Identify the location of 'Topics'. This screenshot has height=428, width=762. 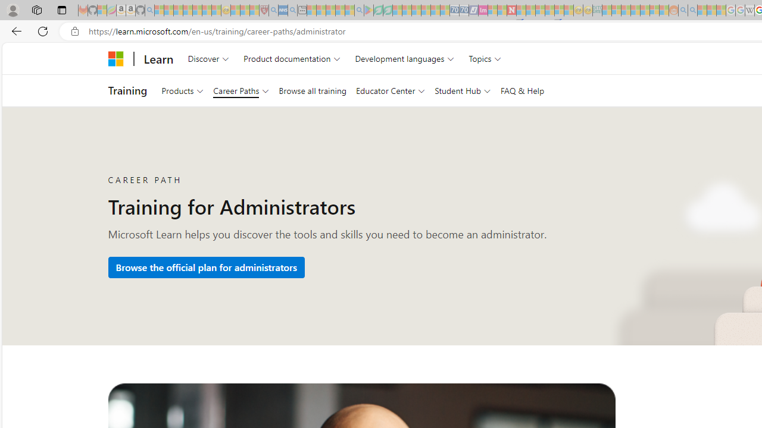
(485, 58).